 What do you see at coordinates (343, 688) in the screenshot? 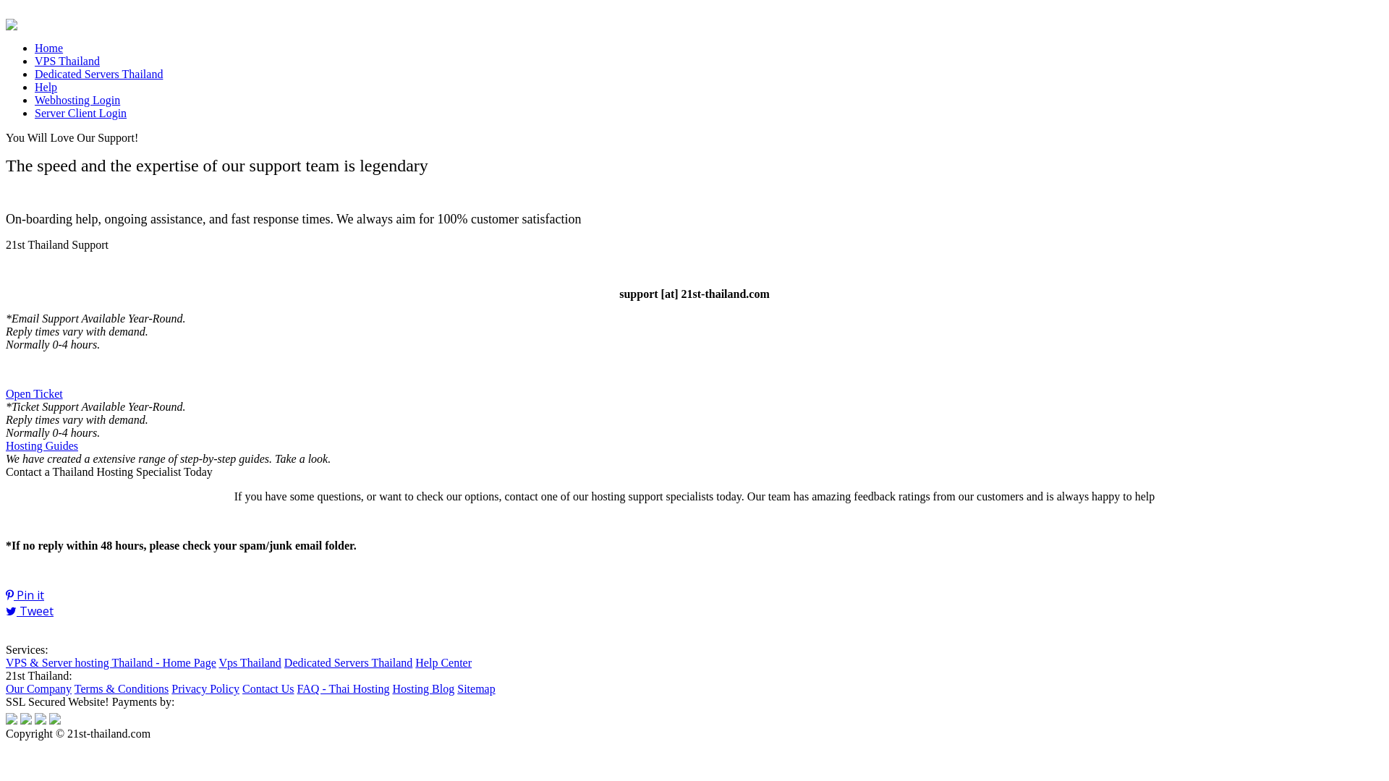
I see `'FAQ - Thai Hosting'` at bounding box center [343, 688].